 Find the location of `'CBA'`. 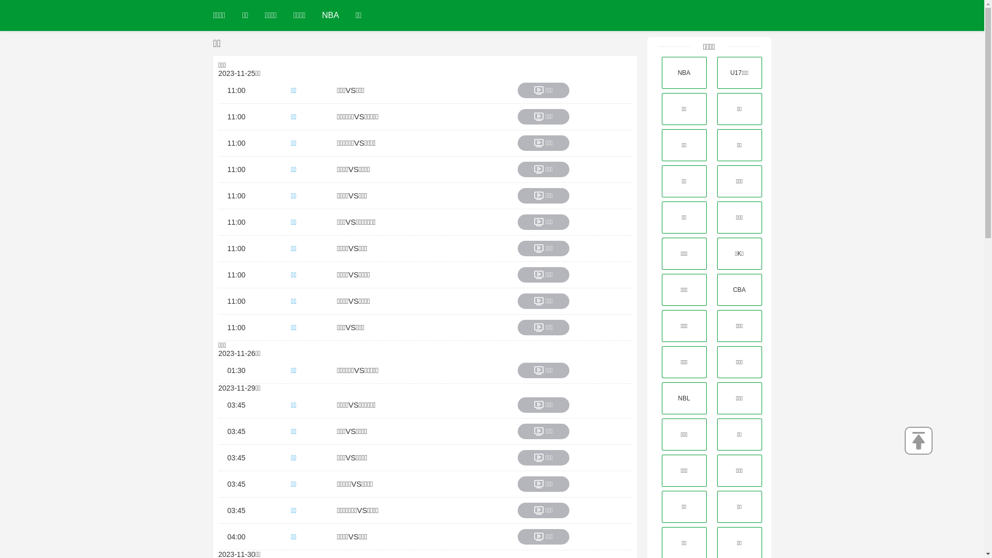

'CBA' is located at coordinates (716, 289).